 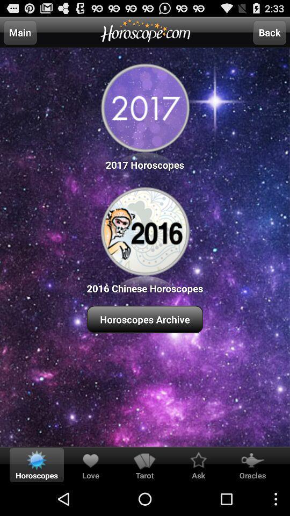 What do you see at coordinates (20, 32) in the screenshot?
I see `main at the top left corner` at bounding box center [20, 32].